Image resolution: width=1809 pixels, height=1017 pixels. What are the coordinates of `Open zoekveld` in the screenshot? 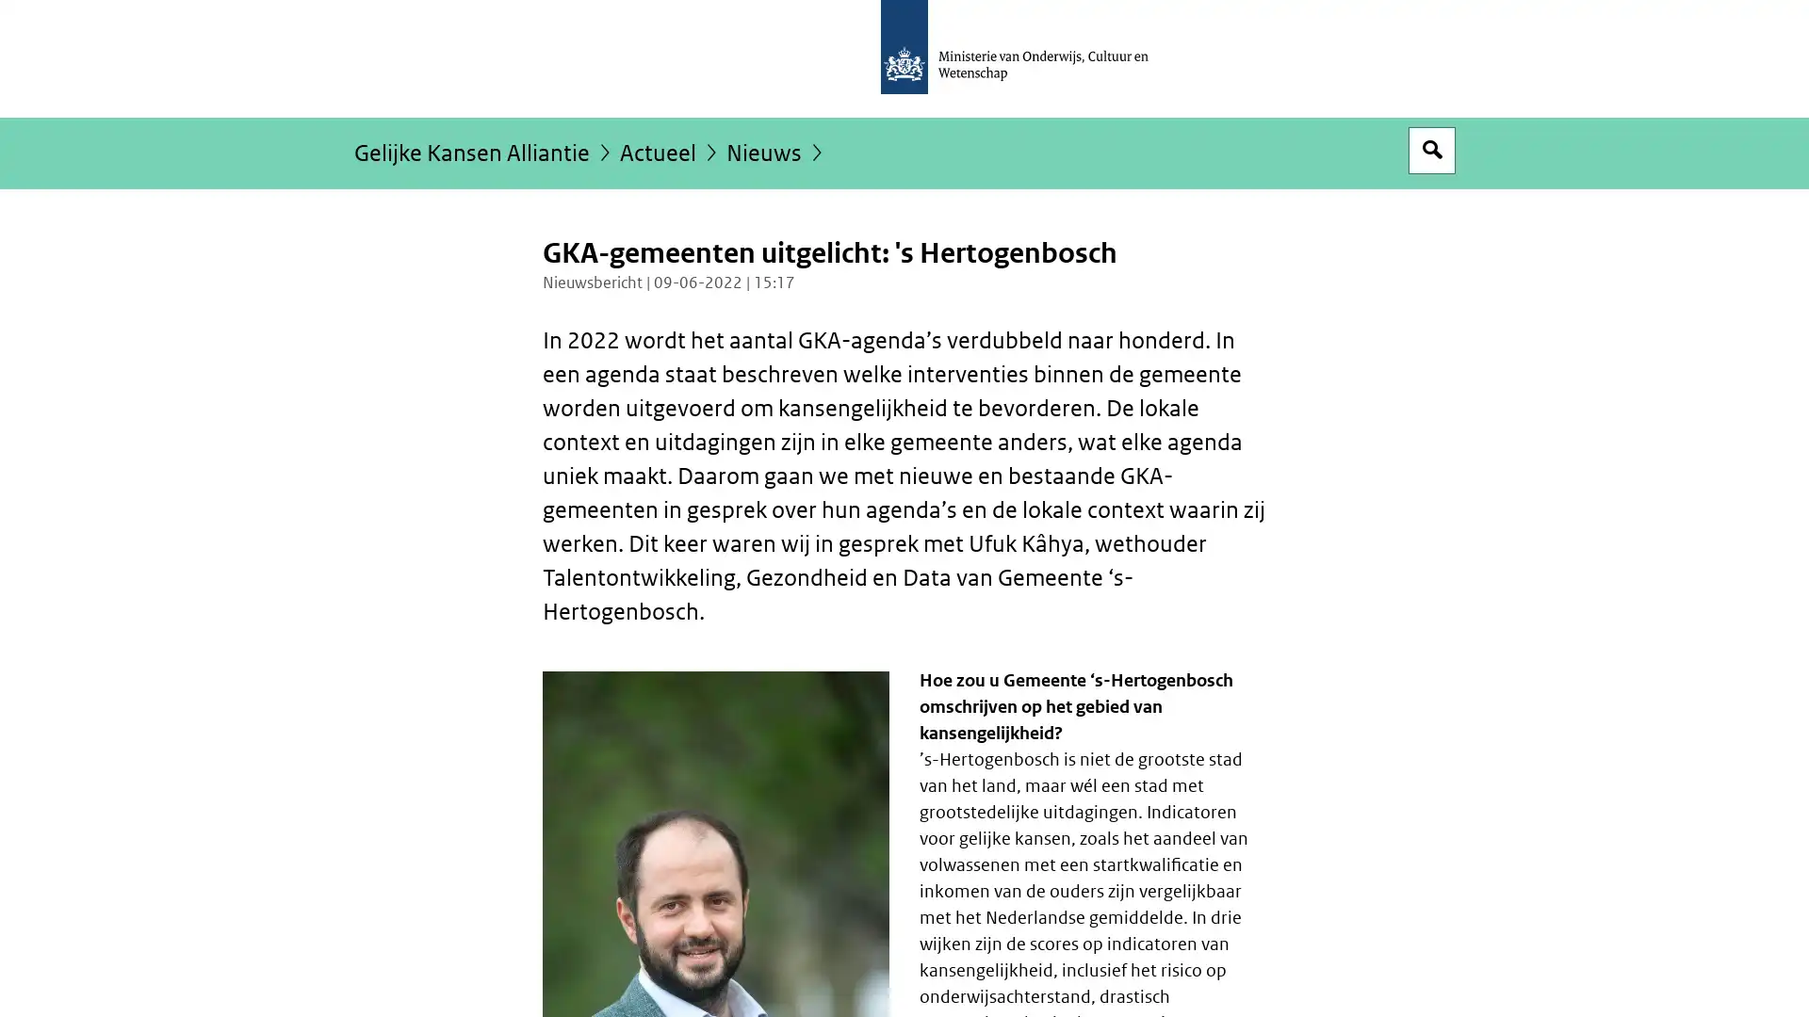 It's located at (1432, 149).